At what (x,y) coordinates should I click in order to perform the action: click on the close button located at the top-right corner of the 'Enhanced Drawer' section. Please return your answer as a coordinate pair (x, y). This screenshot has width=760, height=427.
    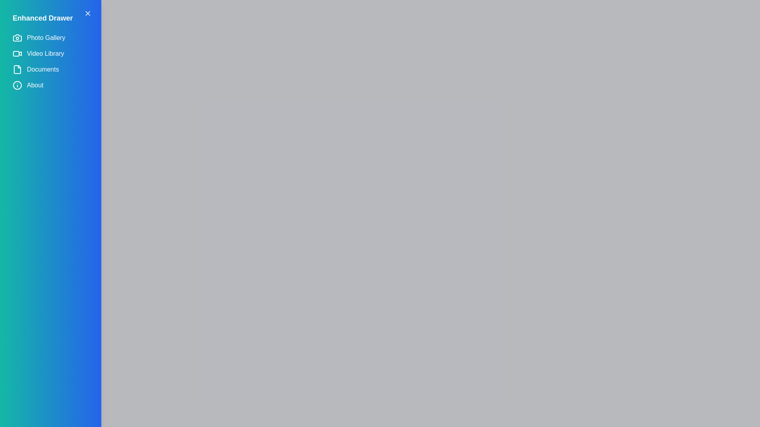
    Looking at the image, I should click on (87, 13).